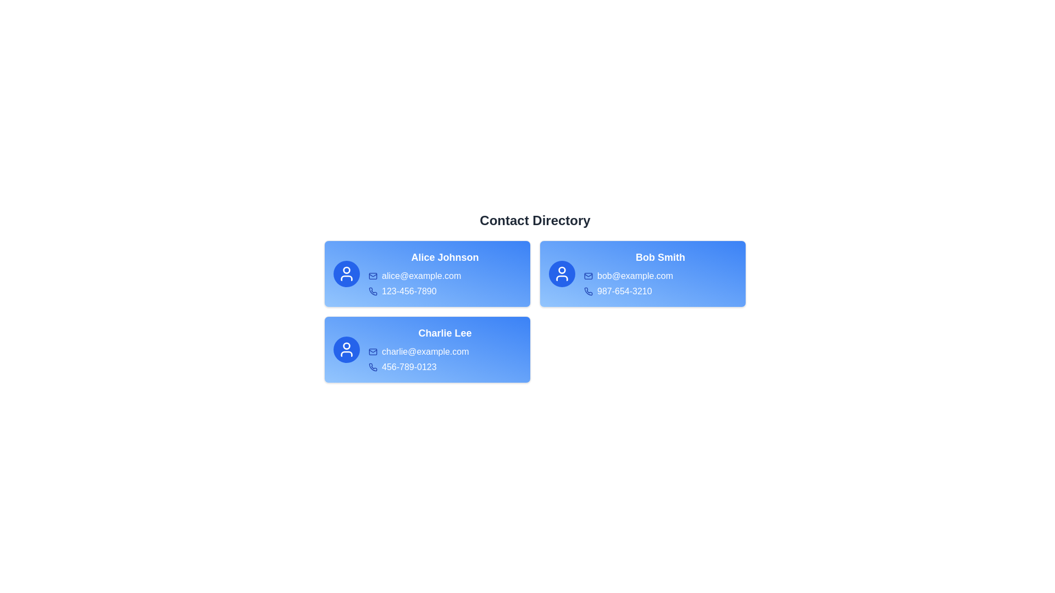 Image resolution: width=1055 pixels, height=593 pixels. Describe the element at coordinates (445, 275) in the screenshot. I see `the email address alice@example.com and select 'Copy' from the context menu` at that location.